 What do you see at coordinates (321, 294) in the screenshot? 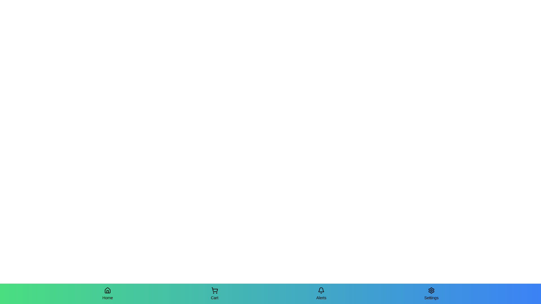
I see `the Alerts tab by clicking on it` at bounding box center [321, 294].